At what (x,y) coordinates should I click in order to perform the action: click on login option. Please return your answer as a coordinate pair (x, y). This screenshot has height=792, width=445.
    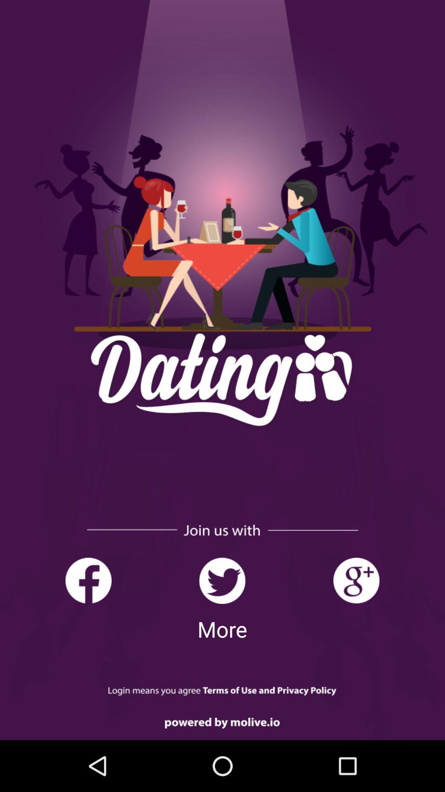
    Looking at the image, I should click on (222, 691).